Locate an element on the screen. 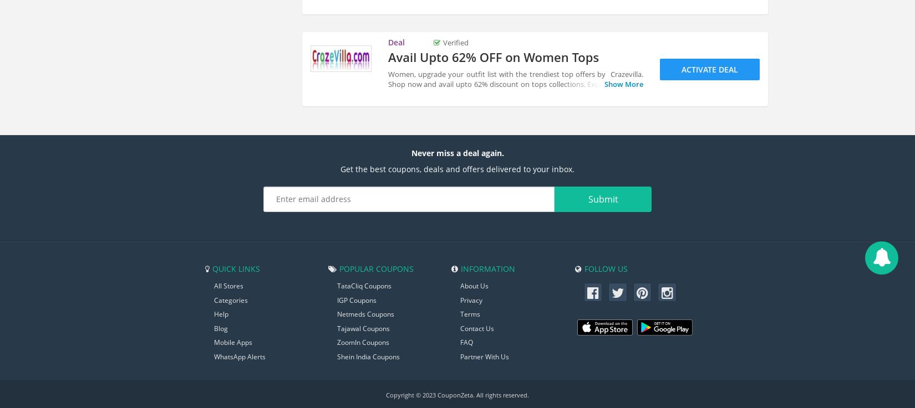 This screenshot has width=915, height=408. 'Help' is located at coordinates (221, 314).